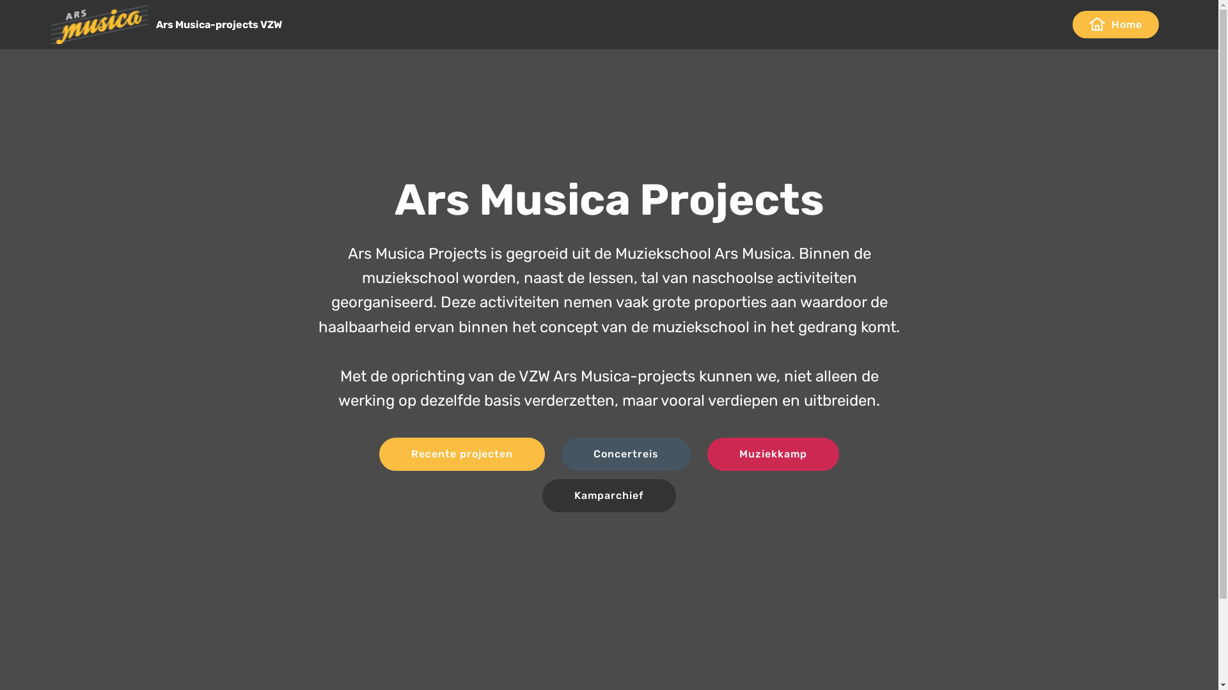 The height and width of the screenshot is (690, 1228). Describe the element at coordinates (229, 24) in the screenshot. I see `'Ars Musica-projects VZW'` at that location.